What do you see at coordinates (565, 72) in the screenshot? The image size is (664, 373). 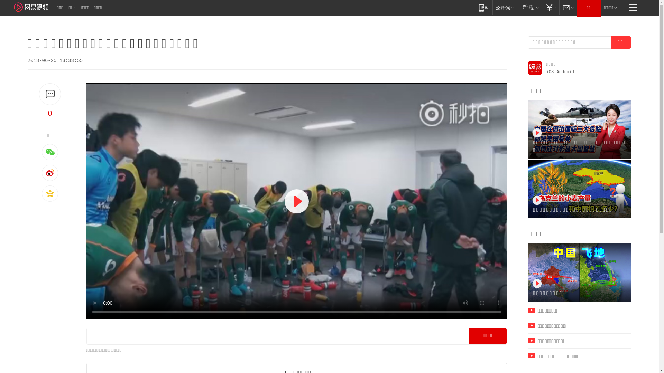 I see `'Android'` at bounding box center [565, 72].